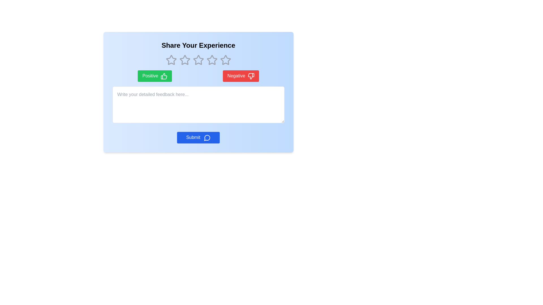 The width and height of the screenshot is (543, 305). I want to click on the second star icon in the rating system, so click(185, 60).